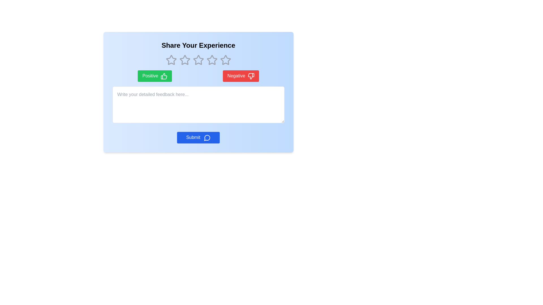 The width and height of the screenshot is (543, 305). I want to click on the second star icon in the rating system, so click(185, 60).